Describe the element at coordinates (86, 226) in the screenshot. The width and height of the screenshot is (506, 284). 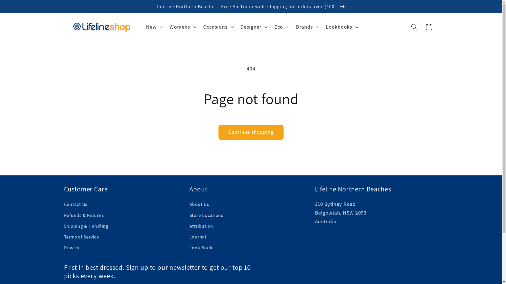
I see `'Shipping & Handling'` at that location.